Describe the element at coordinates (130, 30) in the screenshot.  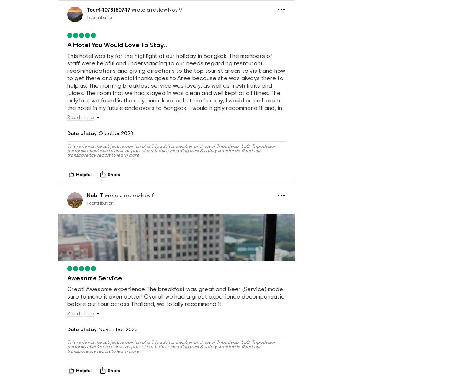
I see `'wrote a review Nov 9'` at that location.